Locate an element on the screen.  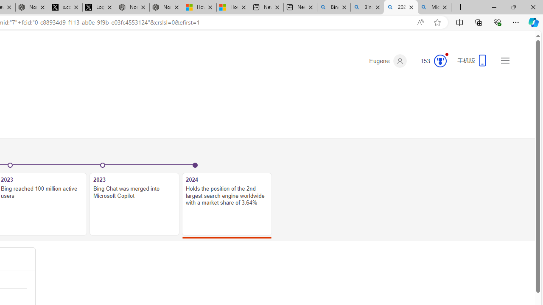
'2023Bing Chat was merged into Microsoft Copilot' is located at coordinates (134, 200).